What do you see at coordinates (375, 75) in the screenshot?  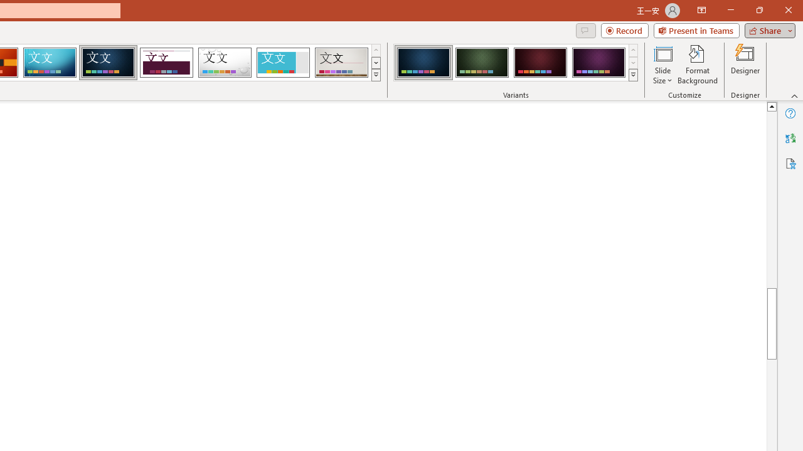 I see `'Themes'` at bounding box center [375, 75].